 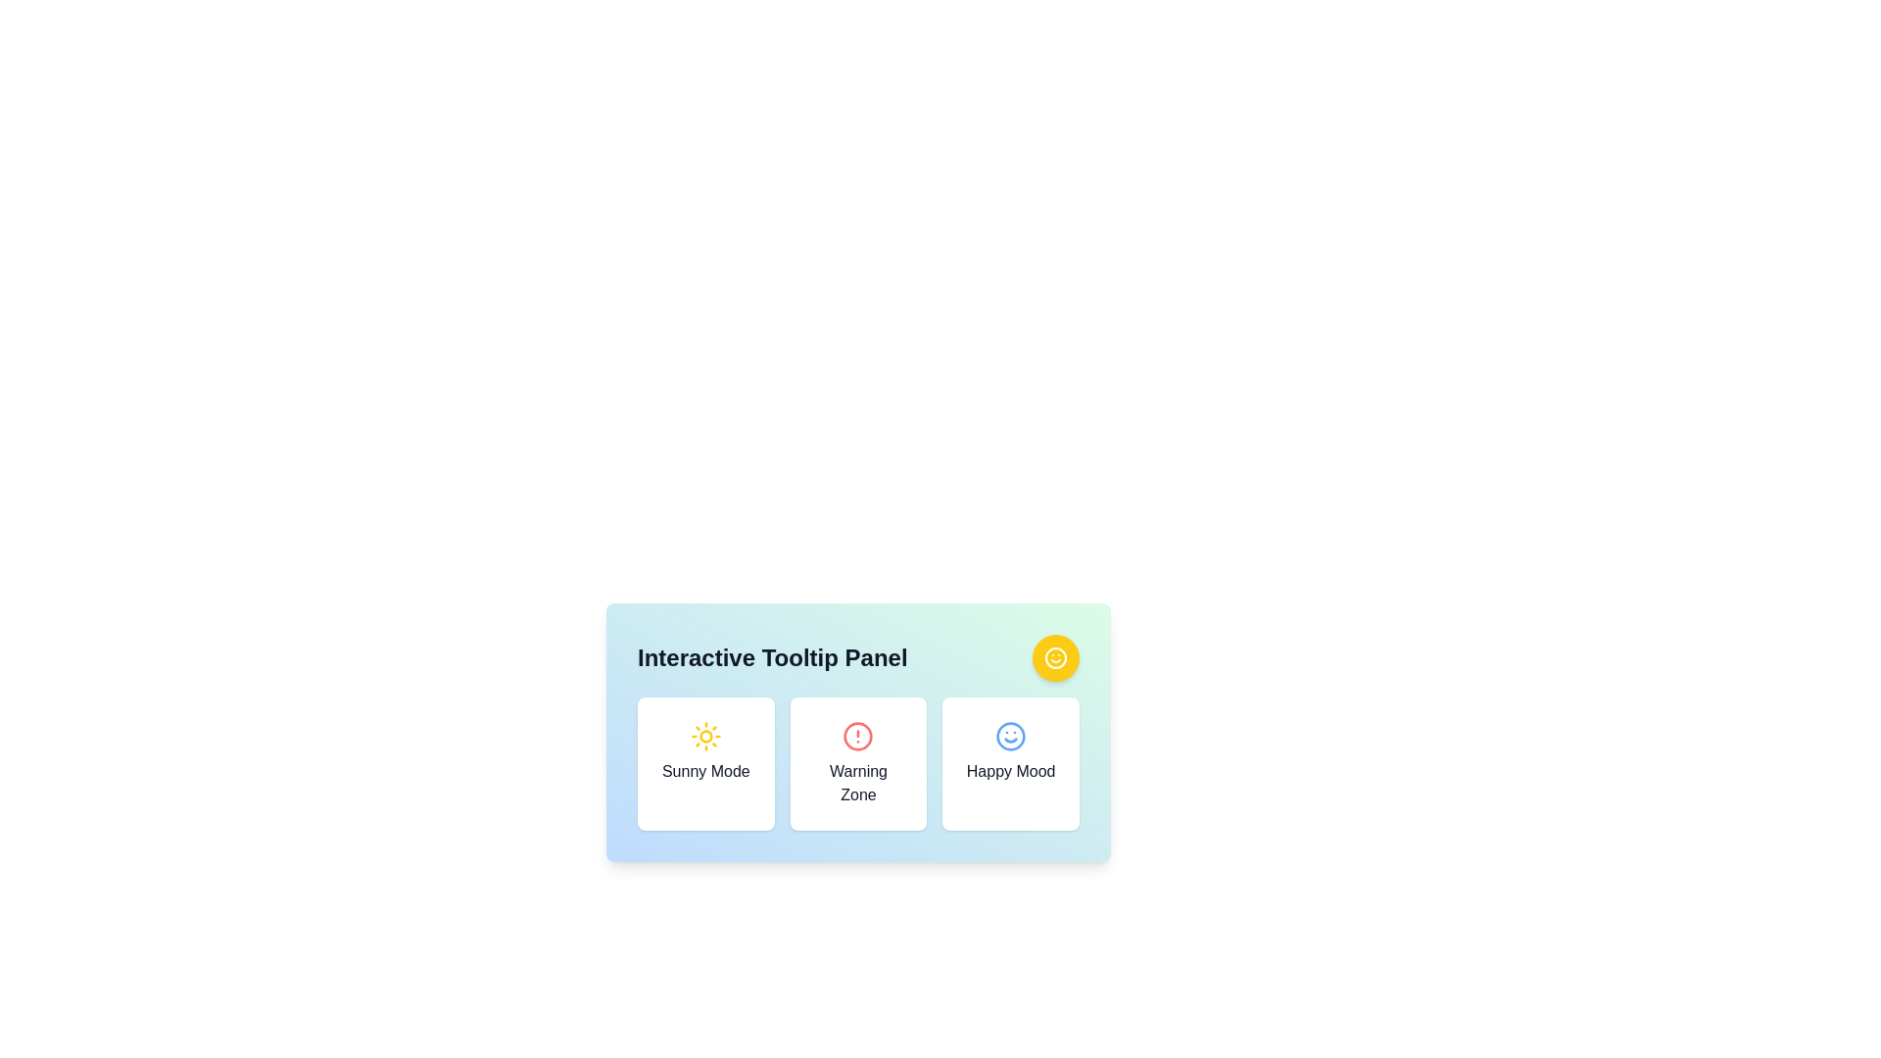 What do you see at coordinates (705, 737) in the screenshot?
I see `the circular element that represents a core or sun-like feature in the Interactive Tooltip Panel, located in the left panel of three options` at bounding box center [705, 737].